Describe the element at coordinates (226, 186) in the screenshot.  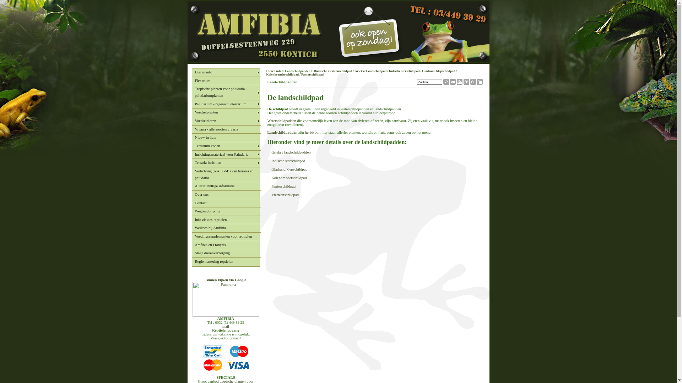
I see `'Allerlei nuttige informatie'` at that location.